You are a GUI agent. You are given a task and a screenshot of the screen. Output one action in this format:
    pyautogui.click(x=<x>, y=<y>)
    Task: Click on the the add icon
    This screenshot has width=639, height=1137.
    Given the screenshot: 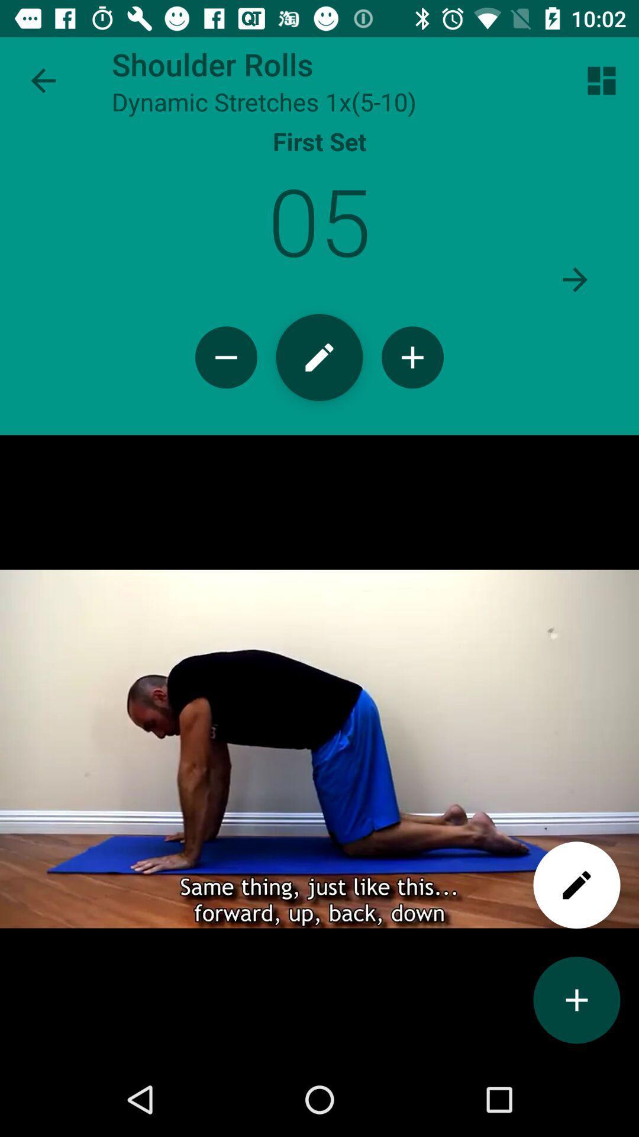 What is the action you would take?
    pyautogui.click(x=412, y=383)
    